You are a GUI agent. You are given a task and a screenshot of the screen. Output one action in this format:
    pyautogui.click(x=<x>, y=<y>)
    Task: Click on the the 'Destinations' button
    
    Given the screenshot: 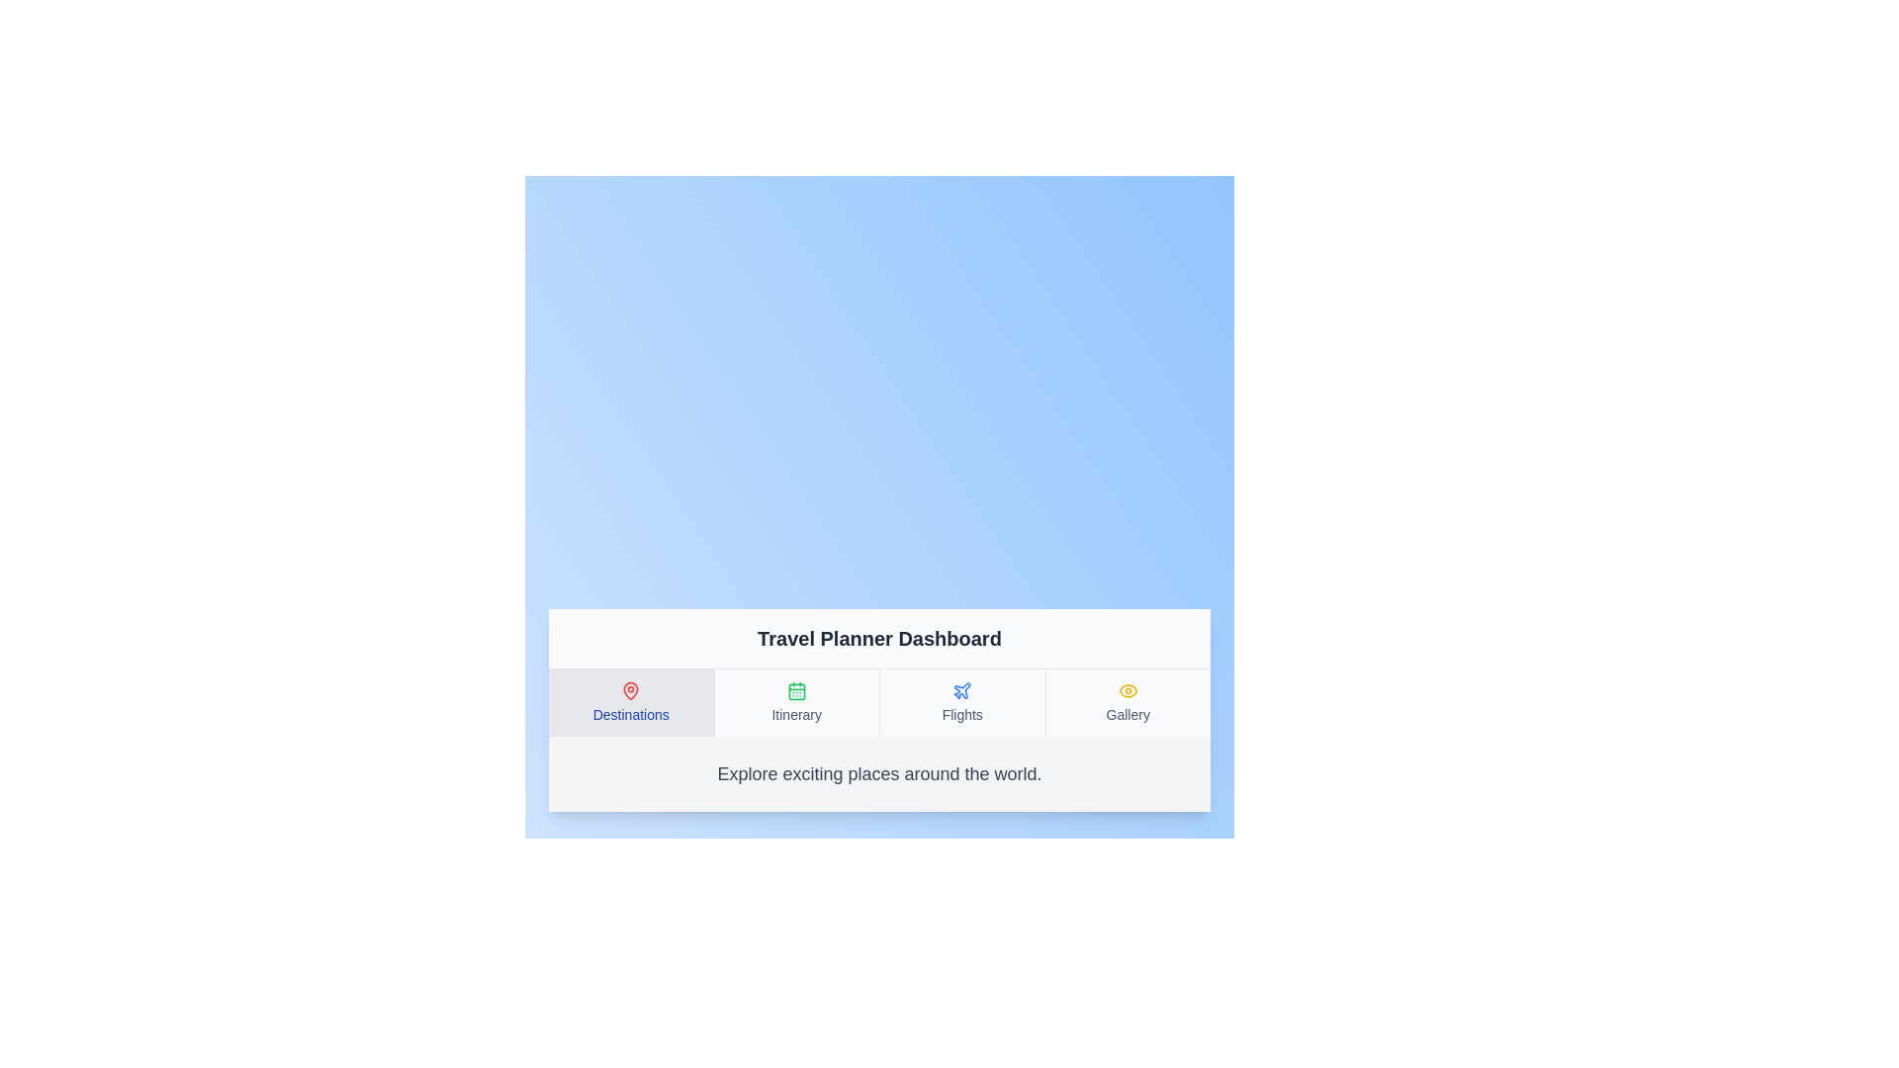 What is the action you would take?
    pyautogui.click(x=630, y=701)
    